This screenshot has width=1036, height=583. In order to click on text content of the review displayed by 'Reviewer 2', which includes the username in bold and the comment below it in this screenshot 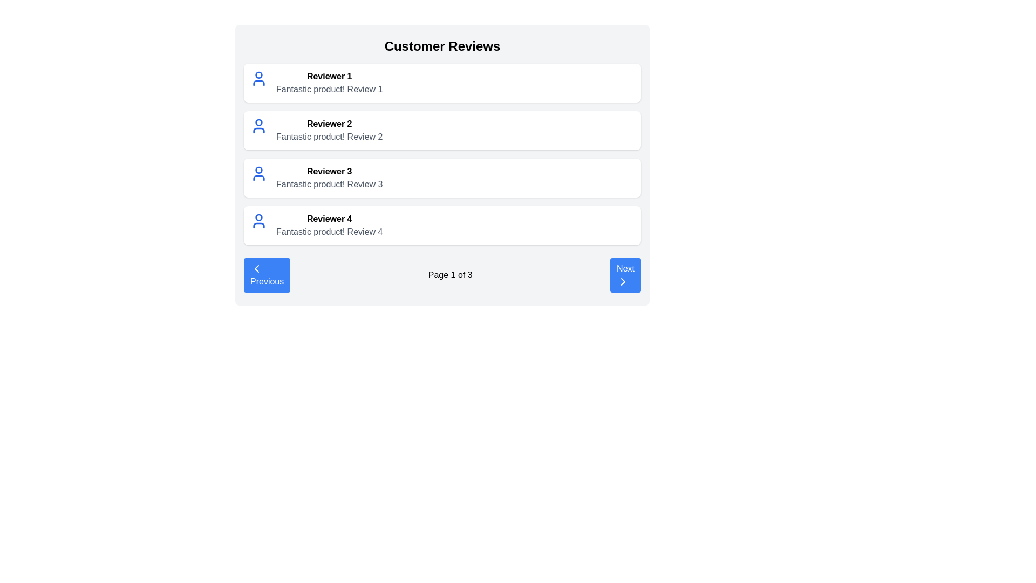, I will do `click(329, 130)`.